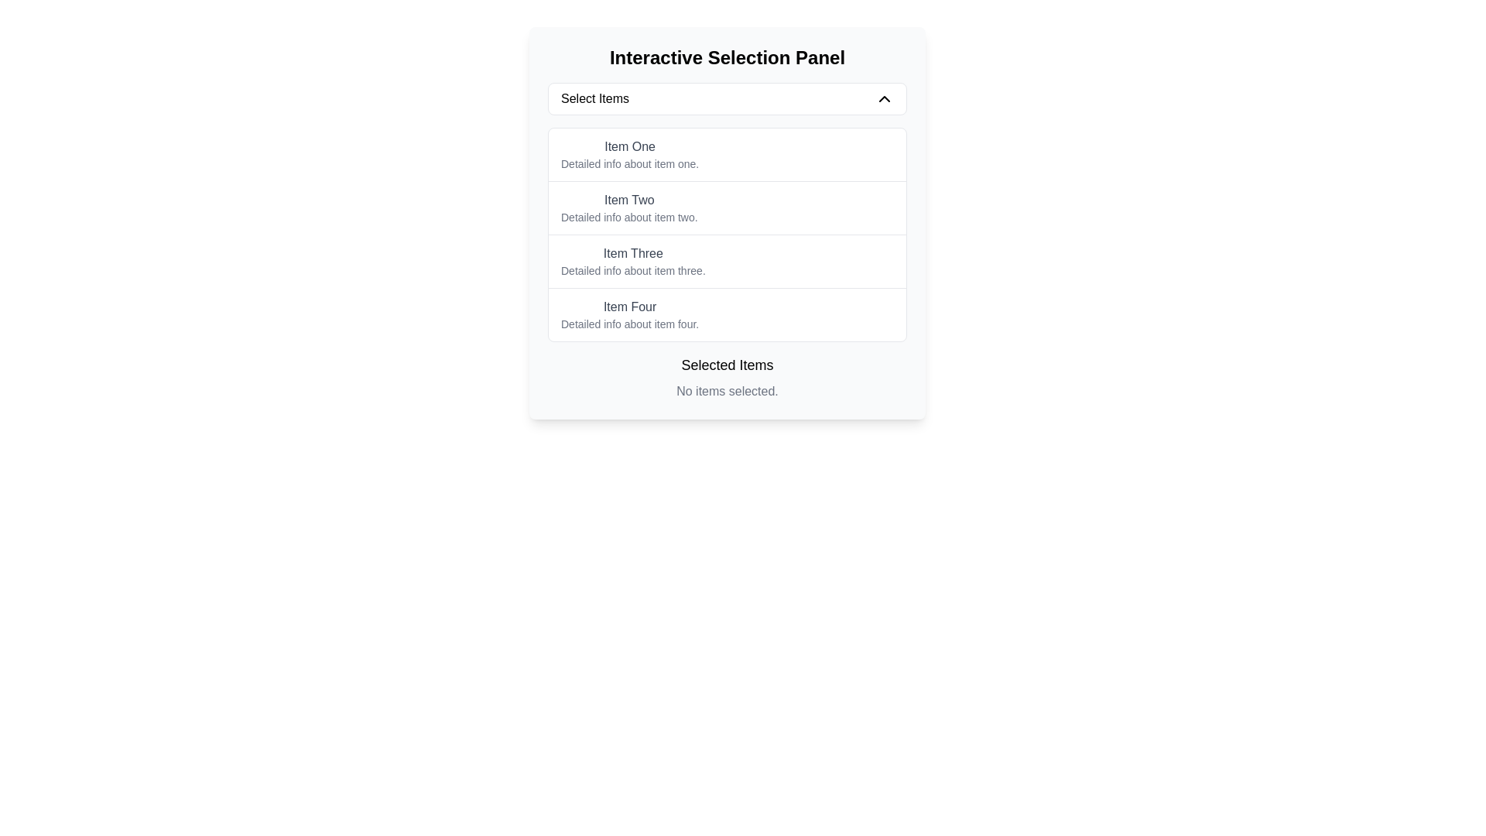 This screenshot has height=836, width=1486. I want to click on the descriptive text element styled in gray, positioned below the heading 'Item Four' and above the 'Selected Items' section, so click(630, 324).